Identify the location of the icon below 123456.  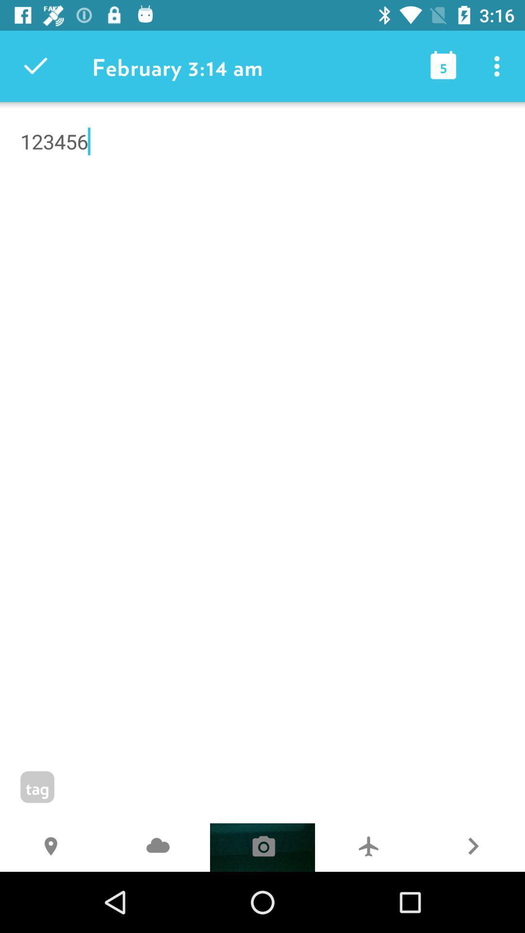
(157, 847).